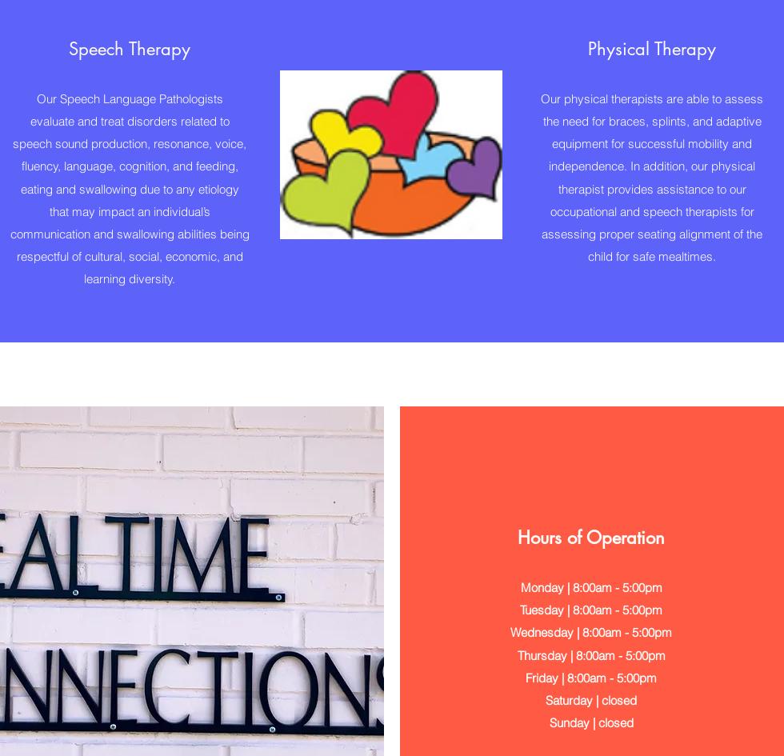  What do you see at coordinates (591, 699) in the screenshot?
I see `'Saturday | closed'` at bounding box center [591, 699].